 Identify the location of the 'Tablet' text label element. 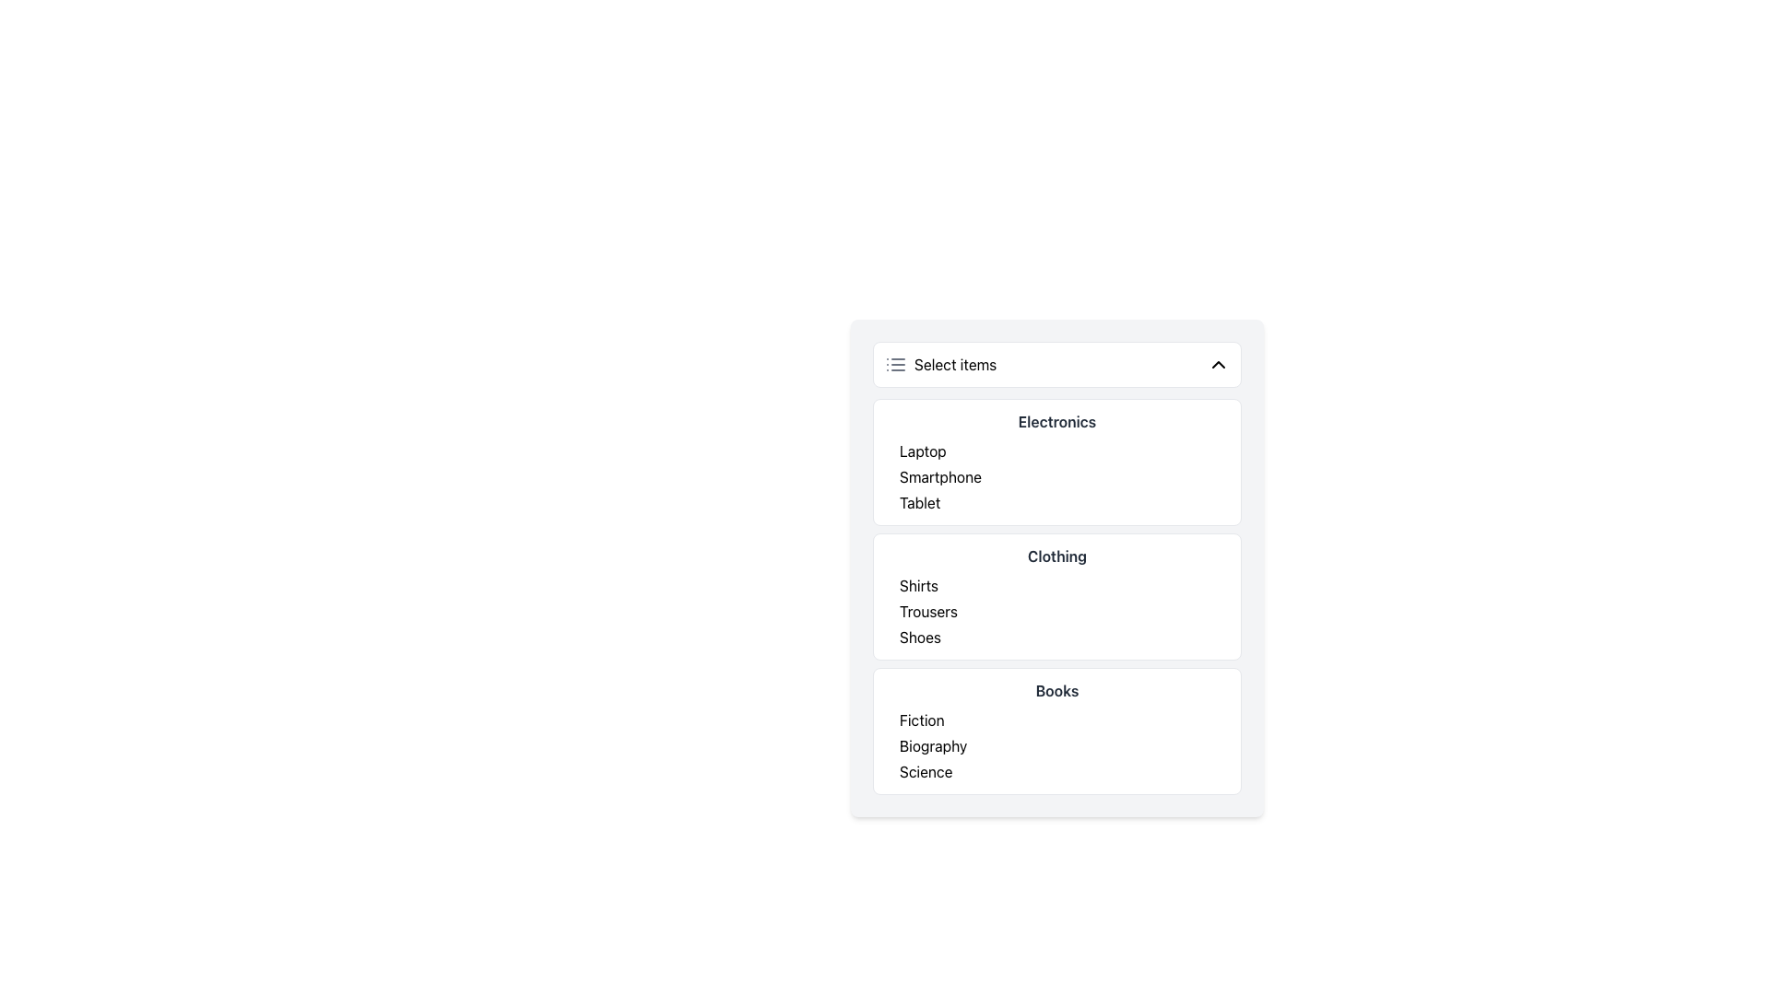
(920, 503).